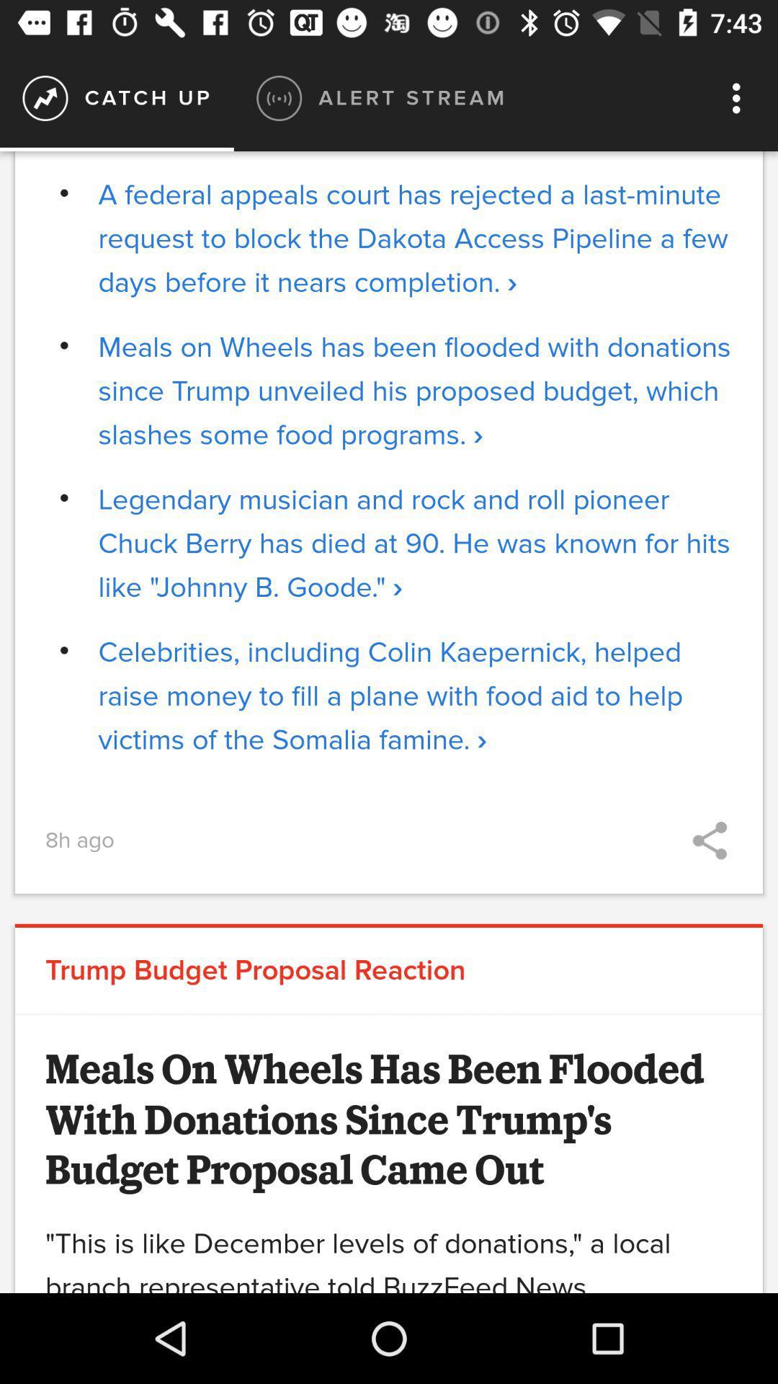 The image size is (778, 1384). I want to click on icon below legendary musician and icon, so click(415, 696).